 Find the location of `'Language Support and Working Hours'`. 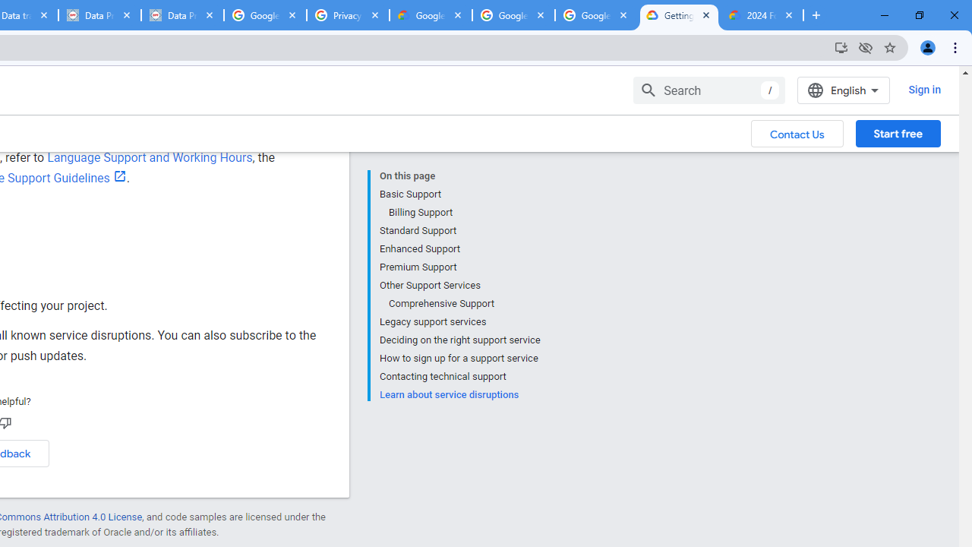

'Language Support and Working Hours' is located at coordinates (150, 157).